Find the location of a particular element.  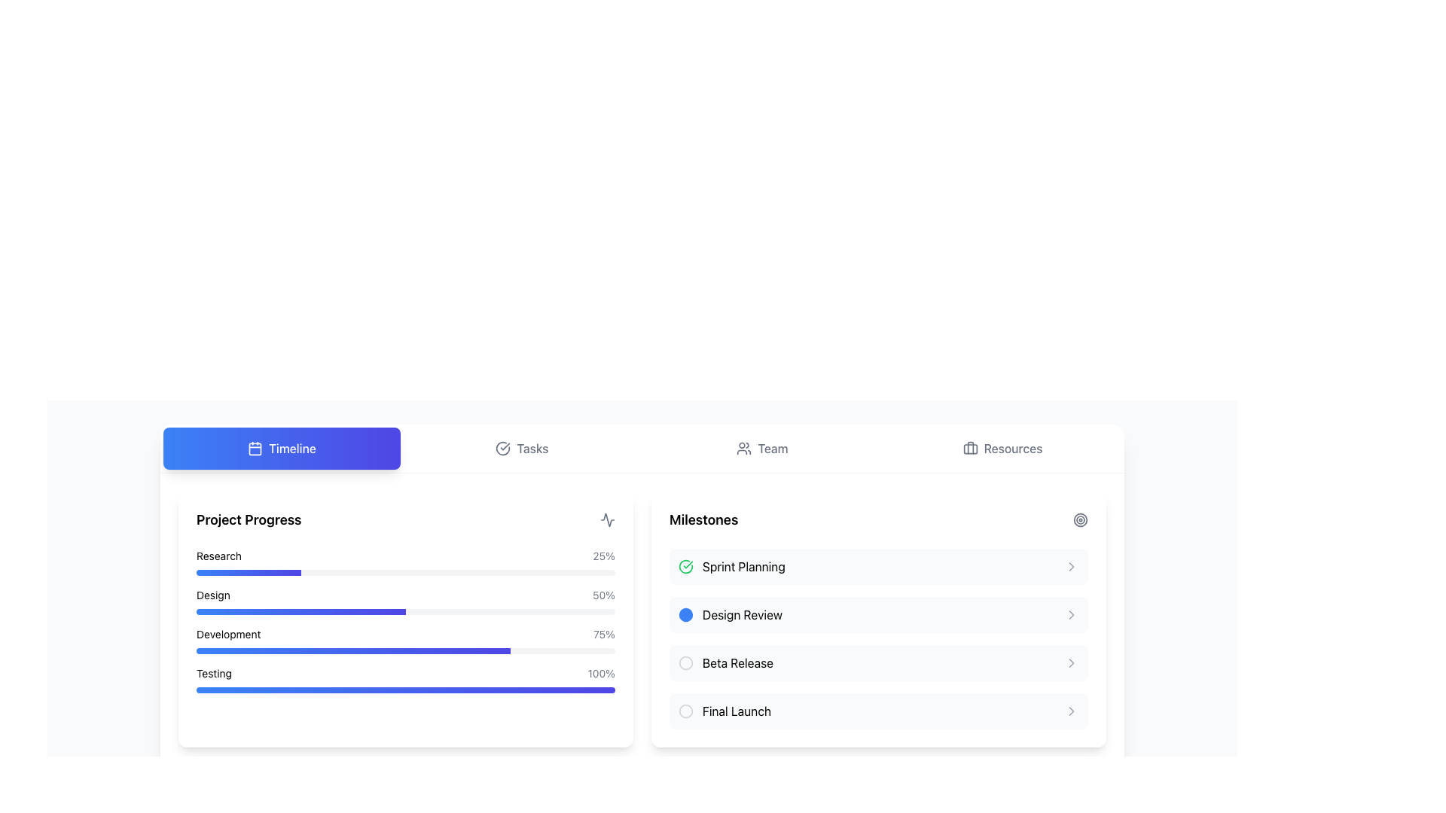

displayed text from the text label showing '75%' in gray color, found in the 'Project Progress' section next to the 'Development' progress bar is located at coordinates (604, 635).